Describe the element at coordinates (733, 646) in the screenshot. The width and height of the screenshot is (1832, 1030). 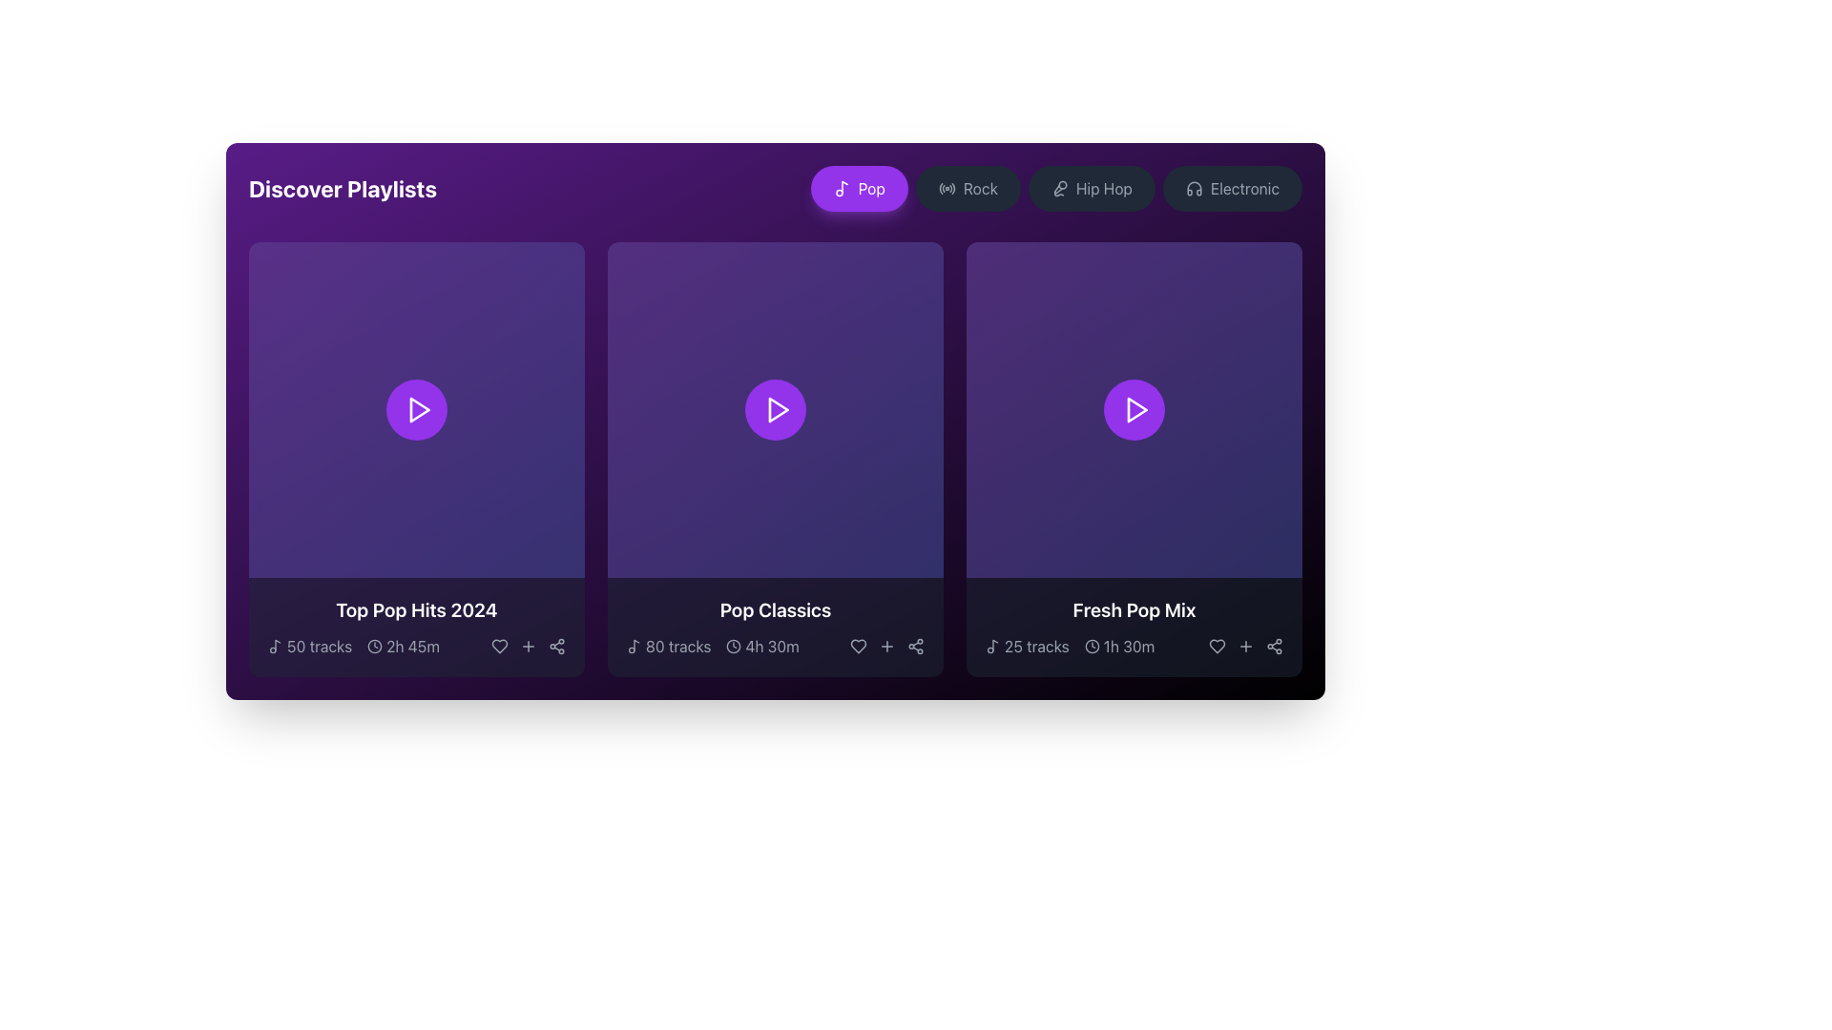
I see `circular outline icon representing a clock, located within the second playlist card, by clicking on it` at that location.